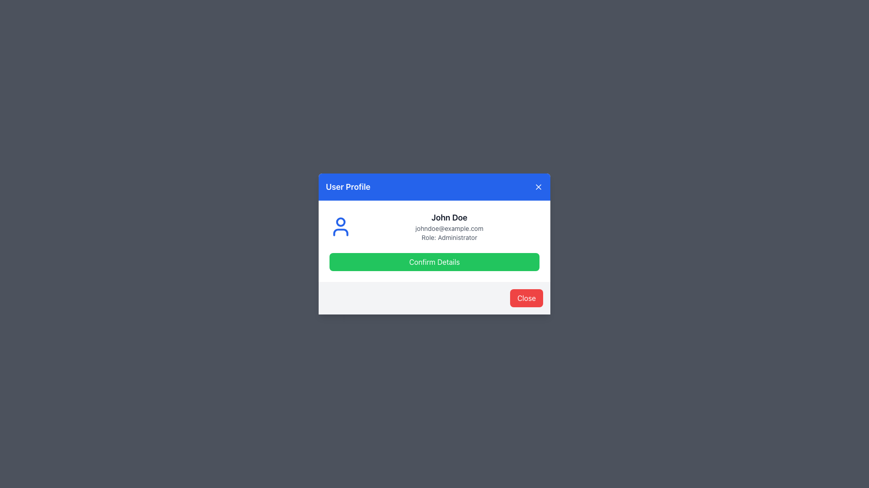 Image resolution: width=869 pixels, height=488 pixels. Describe the element at coordinates (434, 226) in the screenshot. I see `user profile information displayed in the information block, which includes the user's name, email, and role description, located in the middle of the dialog box` at that location.